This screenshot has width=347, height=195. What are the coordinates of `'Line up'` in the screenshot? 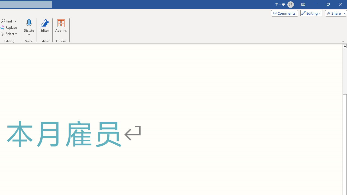 It's located at (344, 45).